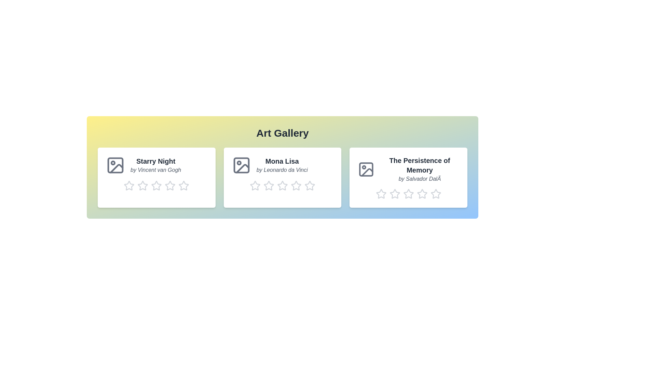  Describe the element at coordinates (309, 186) in the screenshot. I see `the rating for the artwork 'Mona Lisa' to 5 stars` at that location.